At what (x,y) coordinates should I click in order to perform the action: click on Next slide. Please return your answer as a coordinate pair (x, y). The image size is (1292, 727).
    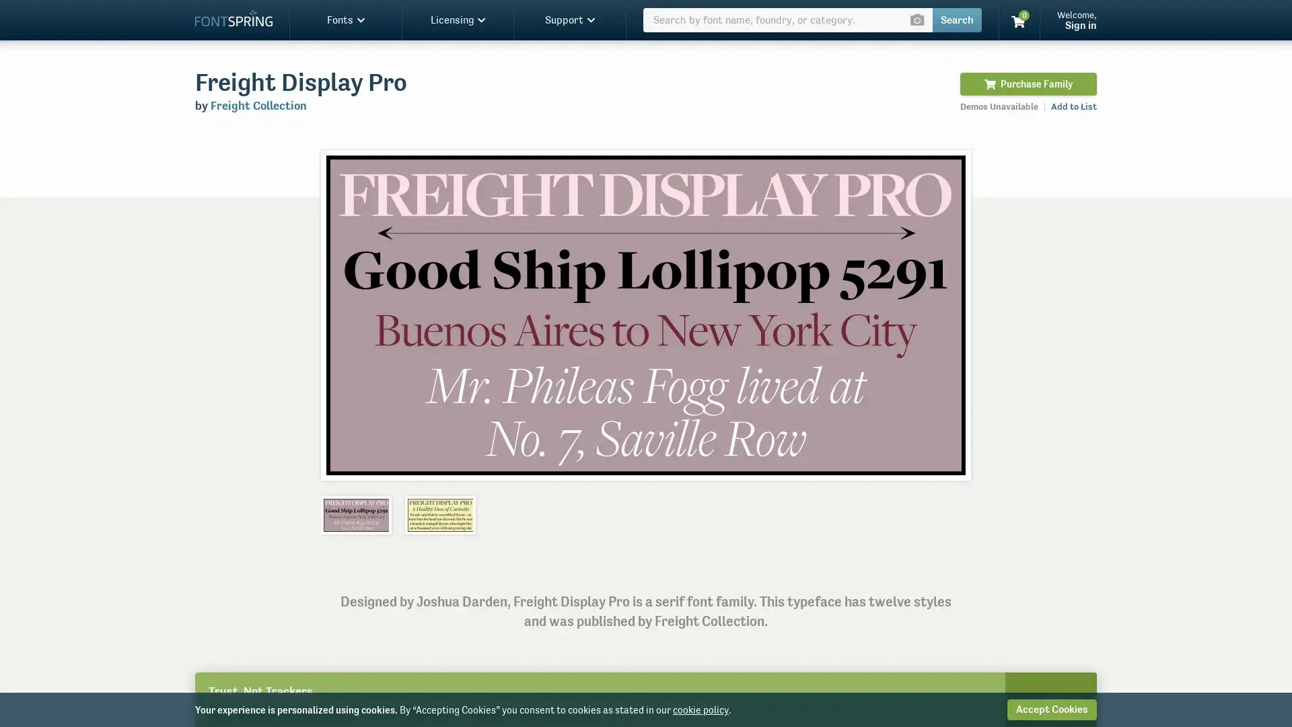
    Looking at the image, I should click on (945, 314).